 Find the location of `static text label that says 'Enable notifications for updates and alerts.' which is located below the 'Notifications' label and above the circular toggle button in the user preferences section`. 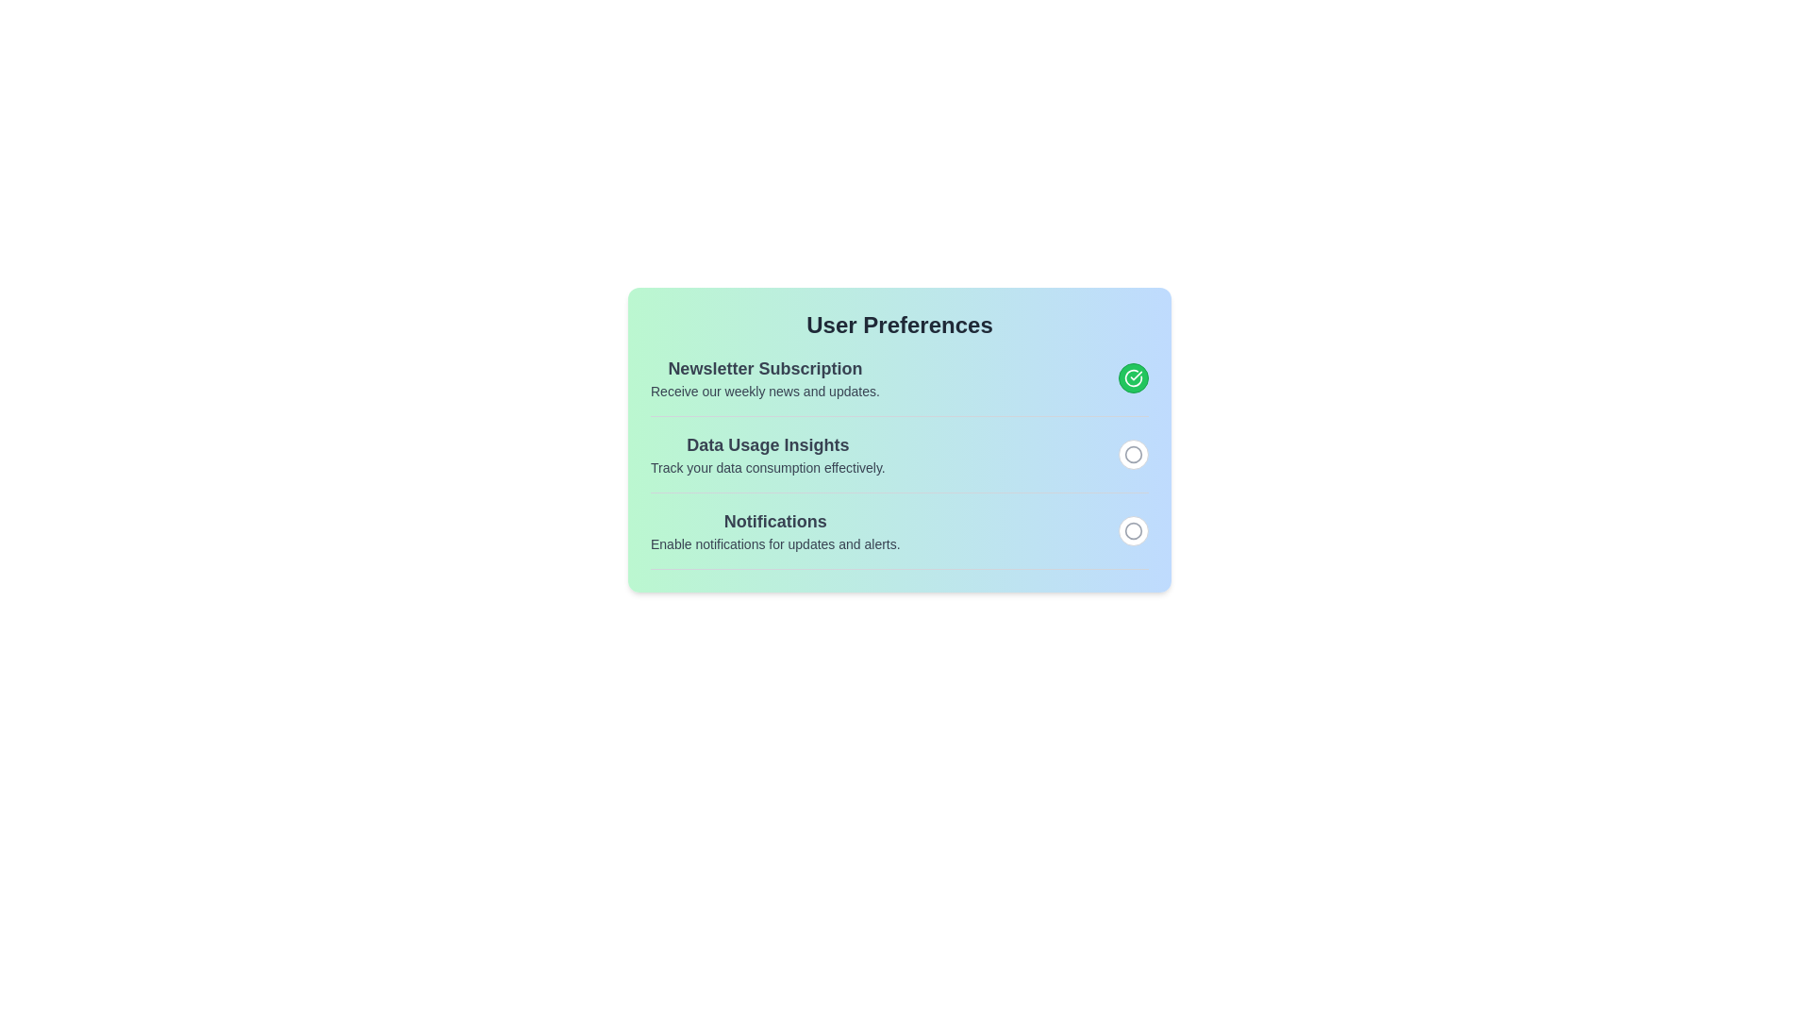

static text label that says 'Enable notifications for updates and alerts.' which is located below the 'Notifications' label and above the circular toggle button in the user preferences section is located at coordinates (775, 544).